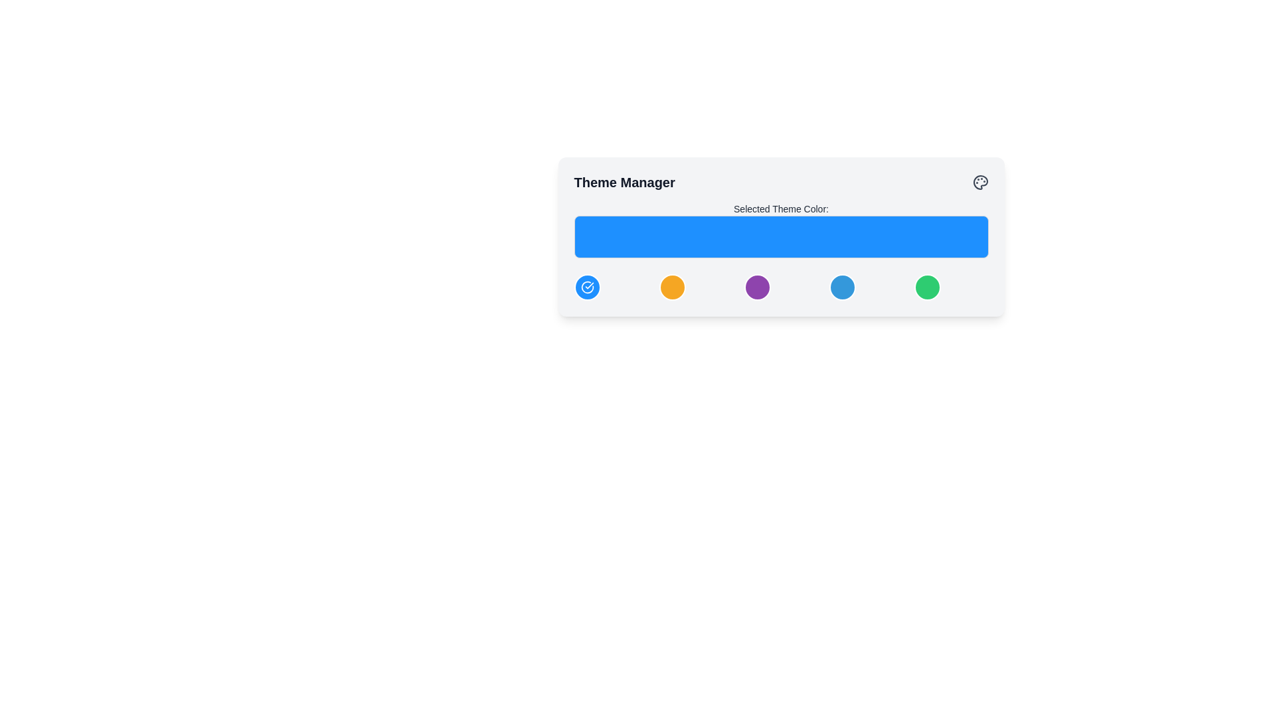 The width and height of the screenshot is (1275, 717). I want to click on the non-interactive heading text label located at the top-left corner of the menu, which indicates the content or feature of the associated section, so click(624, 182).